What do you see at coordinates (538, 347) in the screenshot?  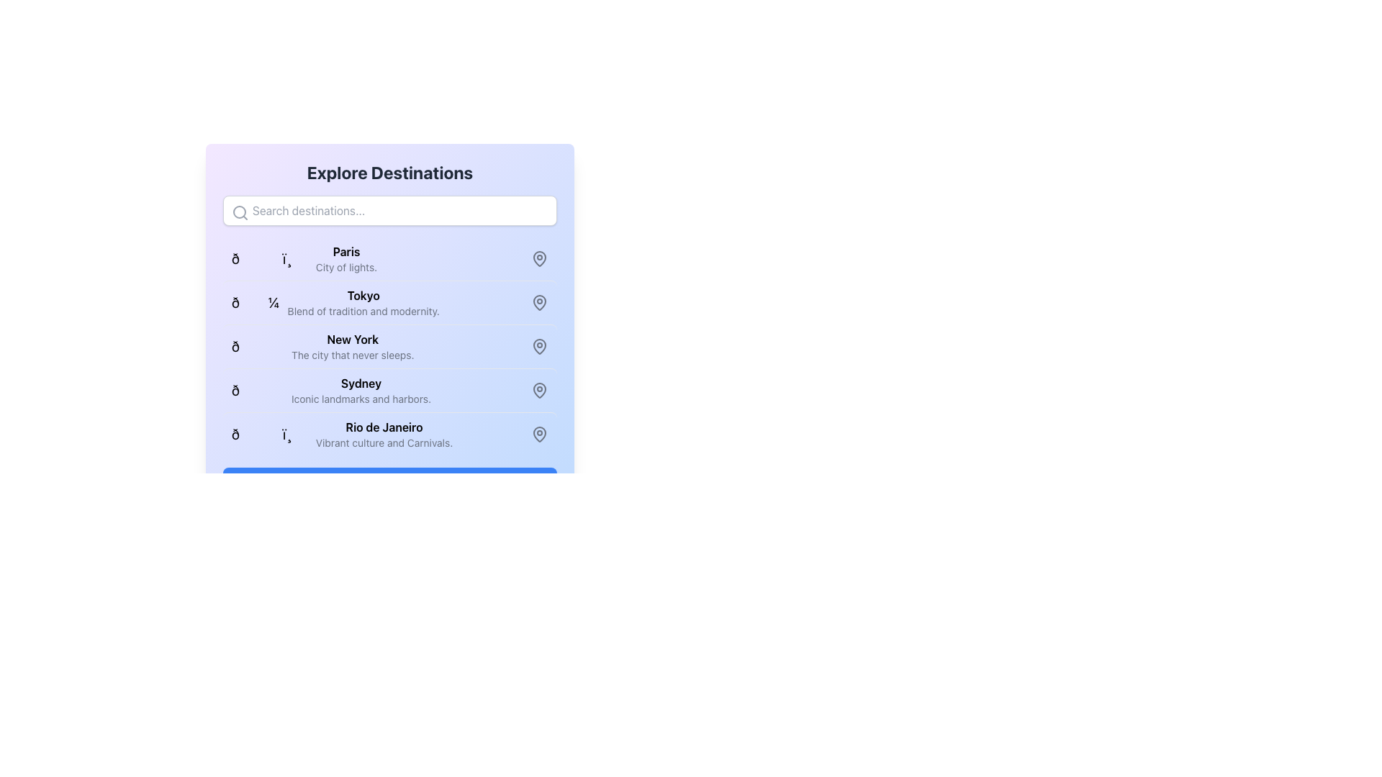 I see `the map pin icon representing the location for 'New York'` at bounding box center [538, 347].